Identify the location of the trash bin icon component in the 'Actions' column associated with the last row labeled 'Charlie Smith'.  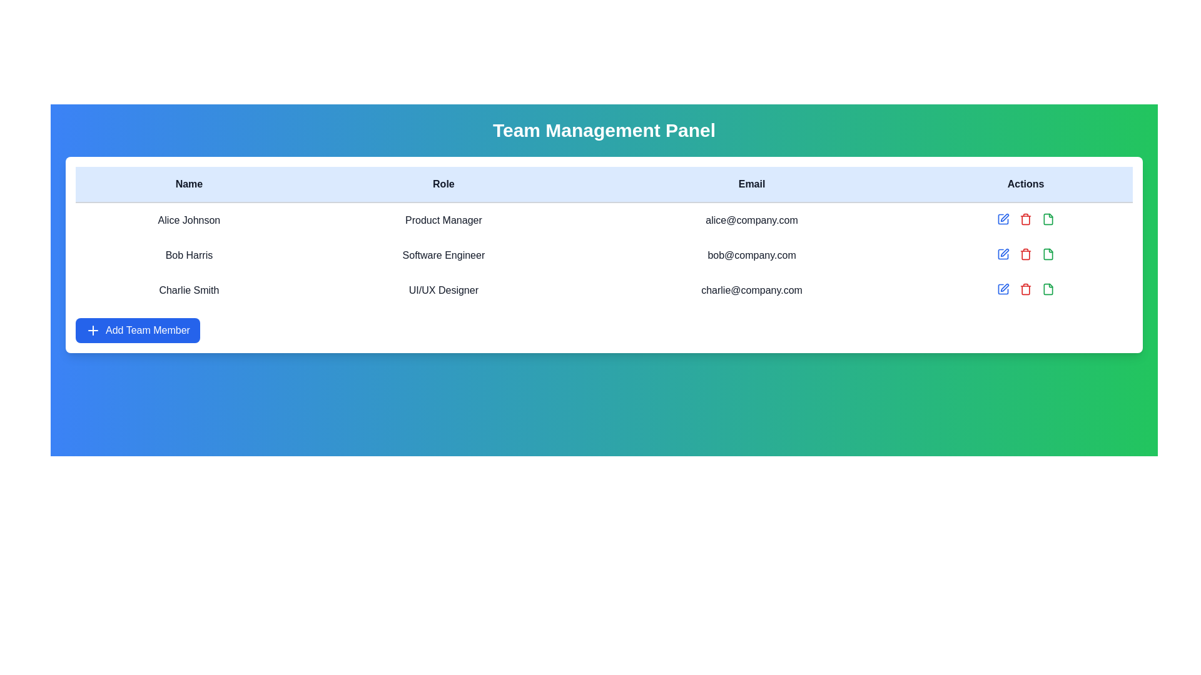
(1026, 290).